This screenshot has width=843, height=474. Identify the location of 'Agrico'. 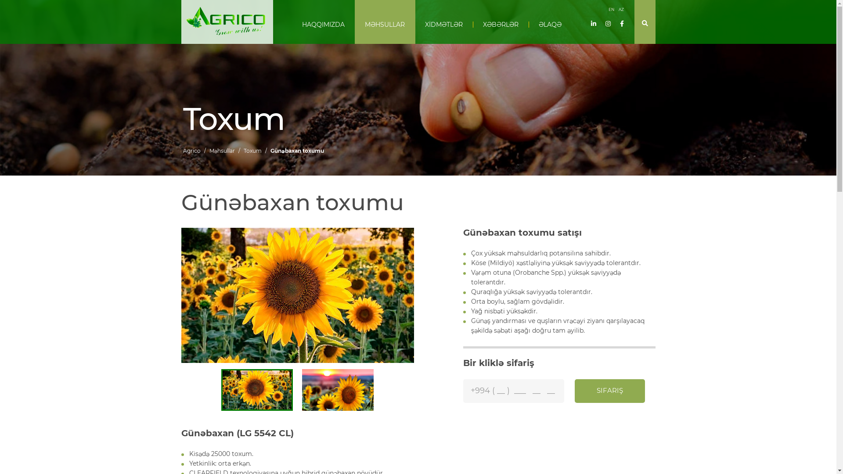
(182, 150).